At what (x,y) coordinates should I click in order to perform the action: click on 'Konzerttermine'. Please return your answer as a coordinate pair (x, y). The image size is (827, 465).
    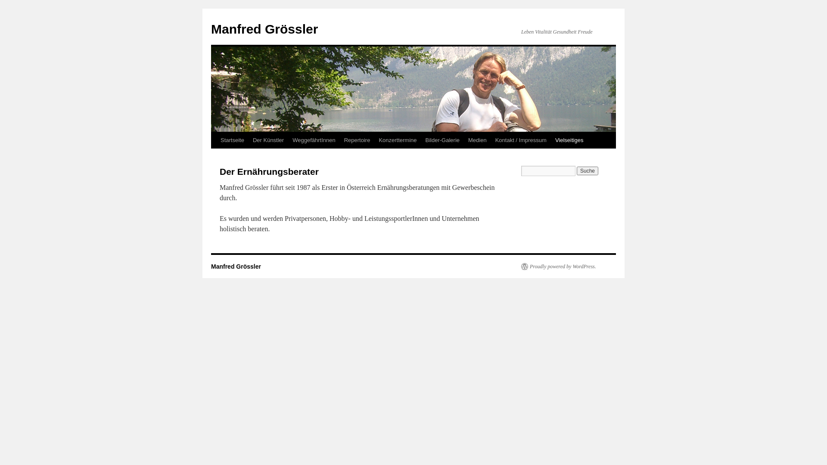
    Looking at the image, I should click on (397, 140).